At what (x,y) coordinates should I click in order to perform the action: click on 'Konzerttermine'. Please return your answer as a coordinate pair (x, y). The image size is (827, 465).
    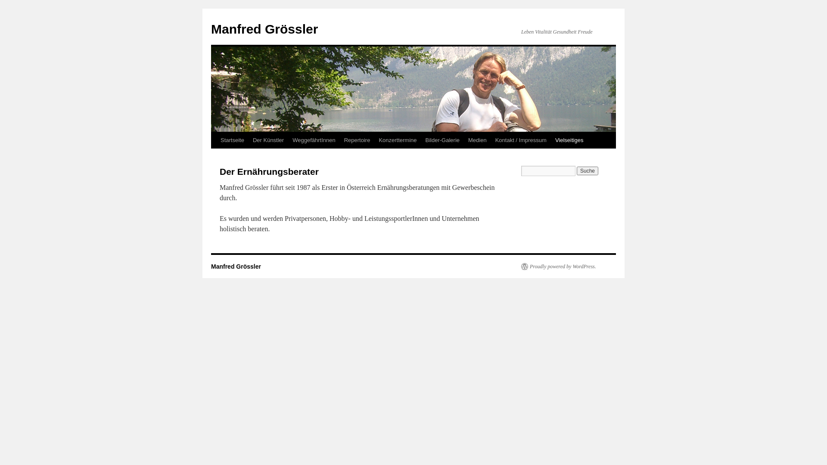
    Looking at the image, I should click on (397, 140).